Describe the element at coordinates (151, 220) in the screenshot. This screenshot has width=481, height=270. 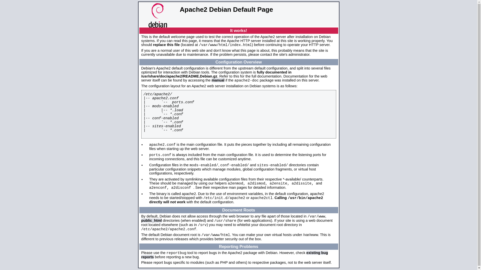
I see `'public_html'` at that location.